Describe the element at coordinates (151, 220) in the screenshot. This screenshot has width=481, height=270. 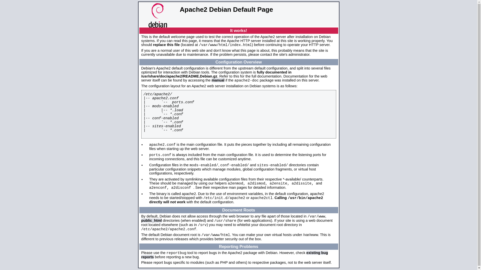
I see `'public_html'` at that location.